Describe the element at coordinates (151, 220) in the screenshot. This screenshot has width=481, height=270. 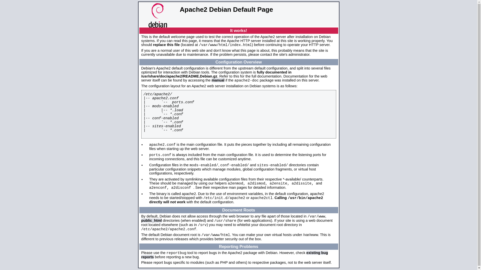
I see `'public_html'` at that location.